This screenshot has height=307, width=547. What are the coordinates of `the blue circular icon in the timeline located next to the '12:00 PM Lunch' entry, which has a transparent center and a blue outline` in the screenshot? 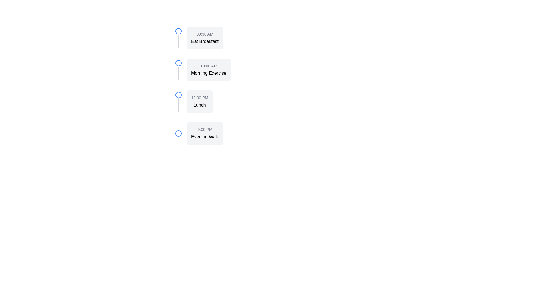 It's located at (178, 95).